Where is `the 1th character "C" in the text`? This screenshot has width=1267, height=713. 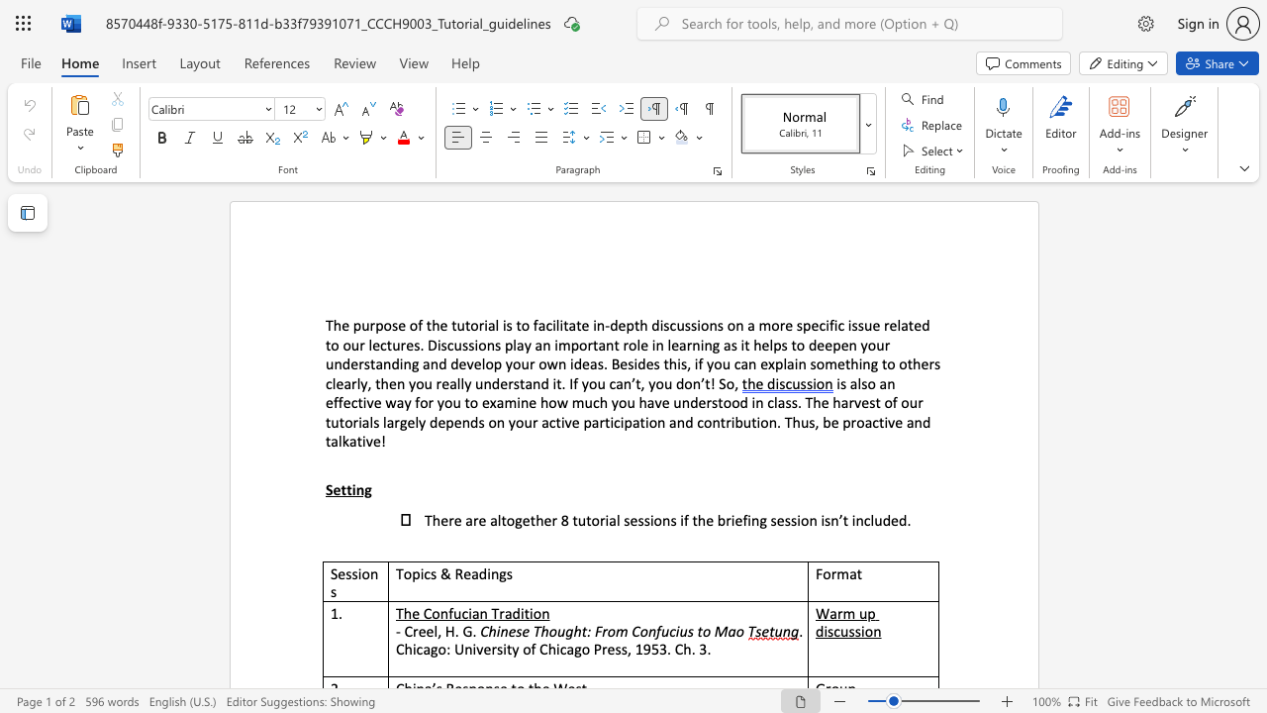 the 1th character "C" in the text is located at coordinates (427, 612).